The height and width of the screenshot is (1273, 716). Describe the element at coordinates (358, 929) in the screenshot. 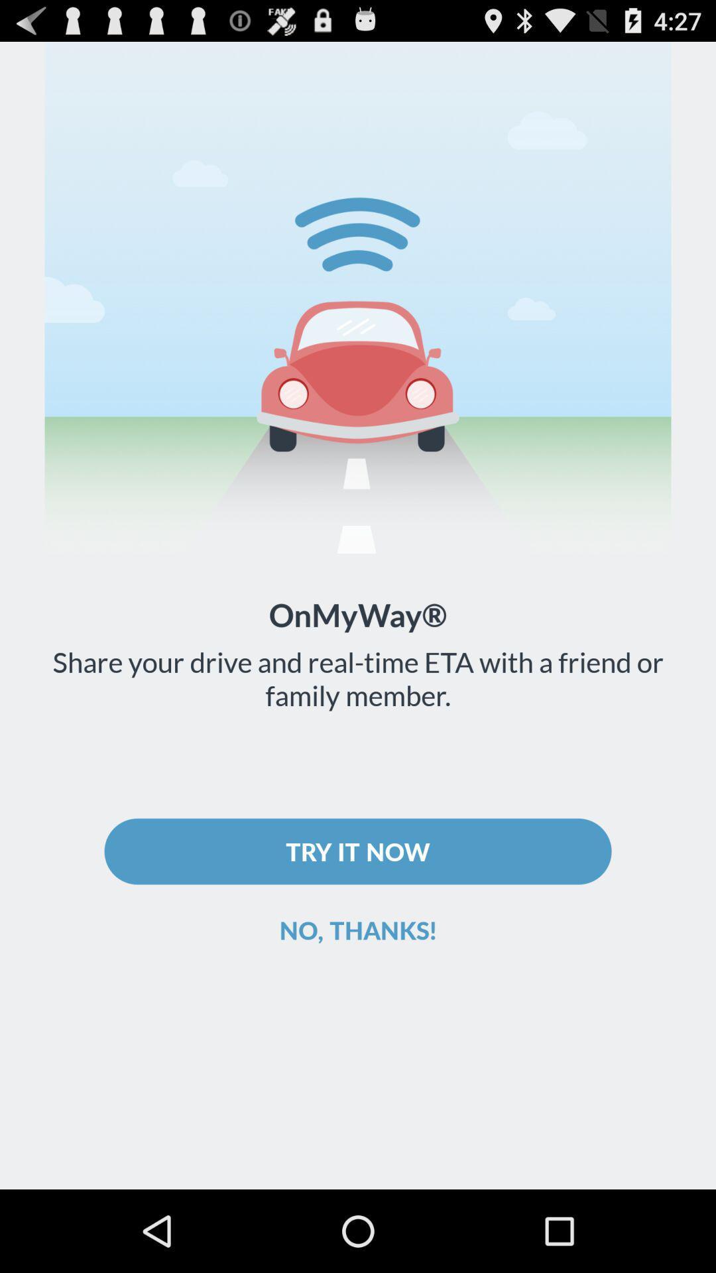

I see `no, thanks! item` at that location.